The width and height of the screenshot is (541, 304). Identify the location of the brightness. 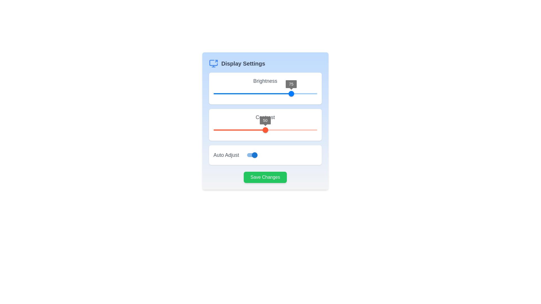
(305, 93).